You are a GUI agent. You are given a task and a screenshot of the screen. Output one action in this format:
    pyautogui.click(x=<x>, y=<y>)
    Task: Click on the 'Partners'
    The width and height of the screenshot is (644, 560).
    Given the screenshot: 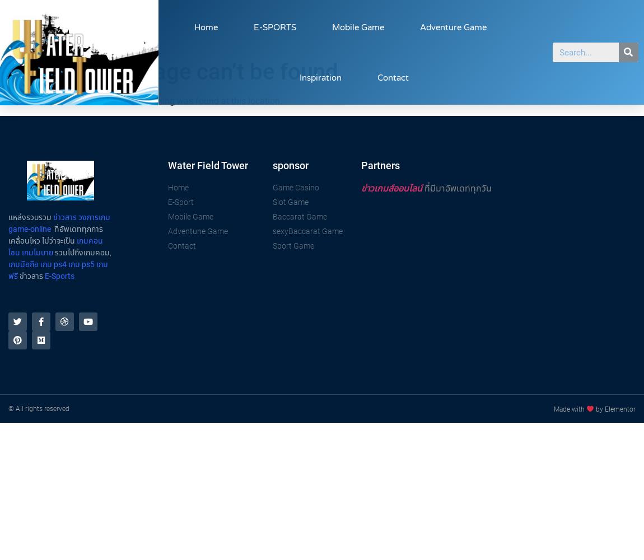 What is the action you would take?
    pyautogui.click(x=379, y=165)
    